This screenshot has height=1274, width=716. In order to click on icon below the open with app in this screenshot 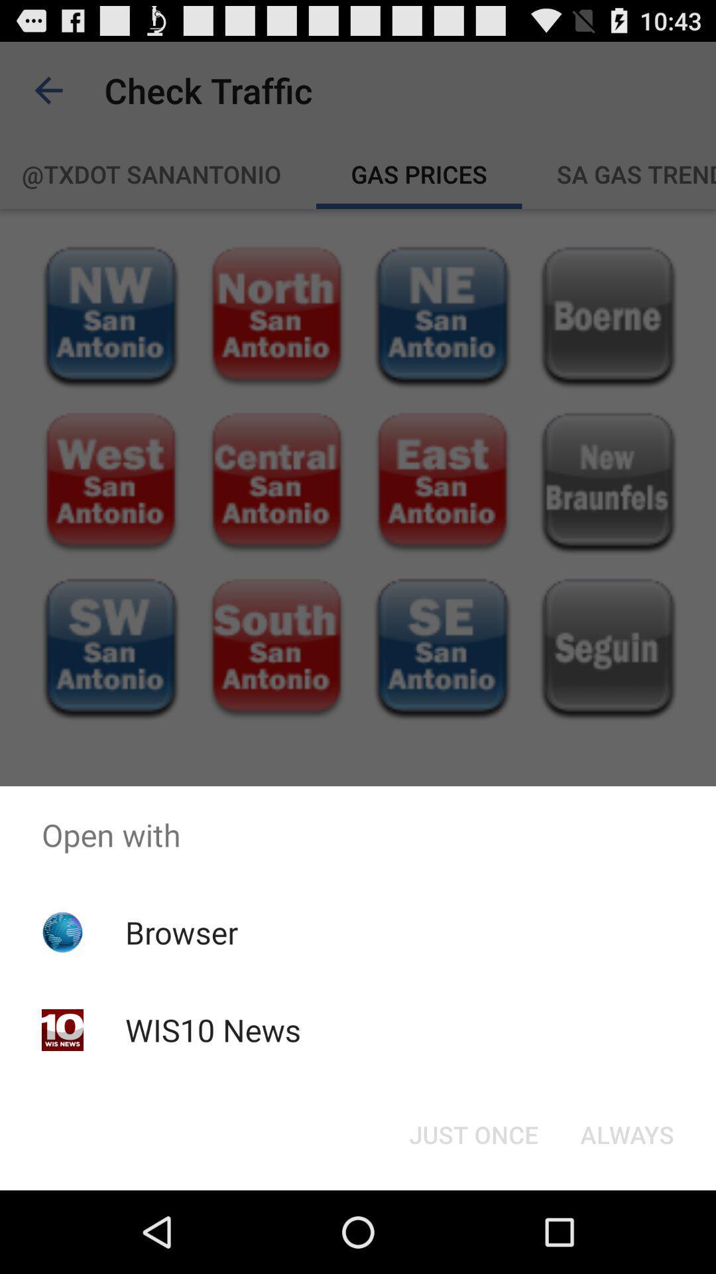, I will do `click(182, 932)`.